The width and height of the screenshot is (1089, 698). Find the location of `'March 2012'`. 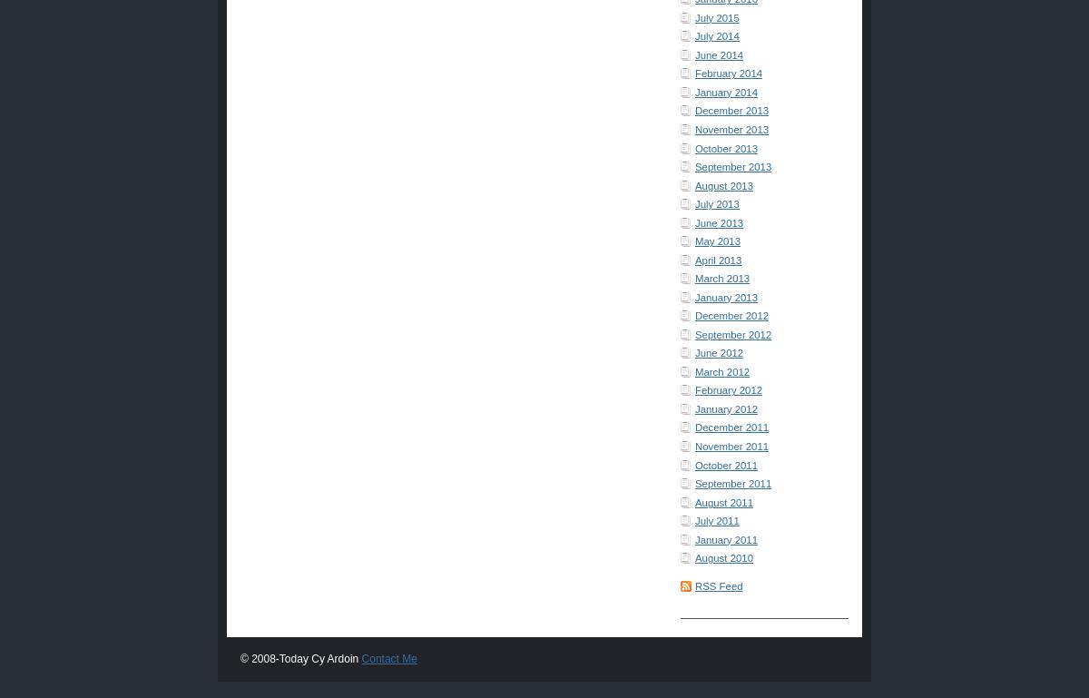

'March 2012' is located at coordinates (721, 371).